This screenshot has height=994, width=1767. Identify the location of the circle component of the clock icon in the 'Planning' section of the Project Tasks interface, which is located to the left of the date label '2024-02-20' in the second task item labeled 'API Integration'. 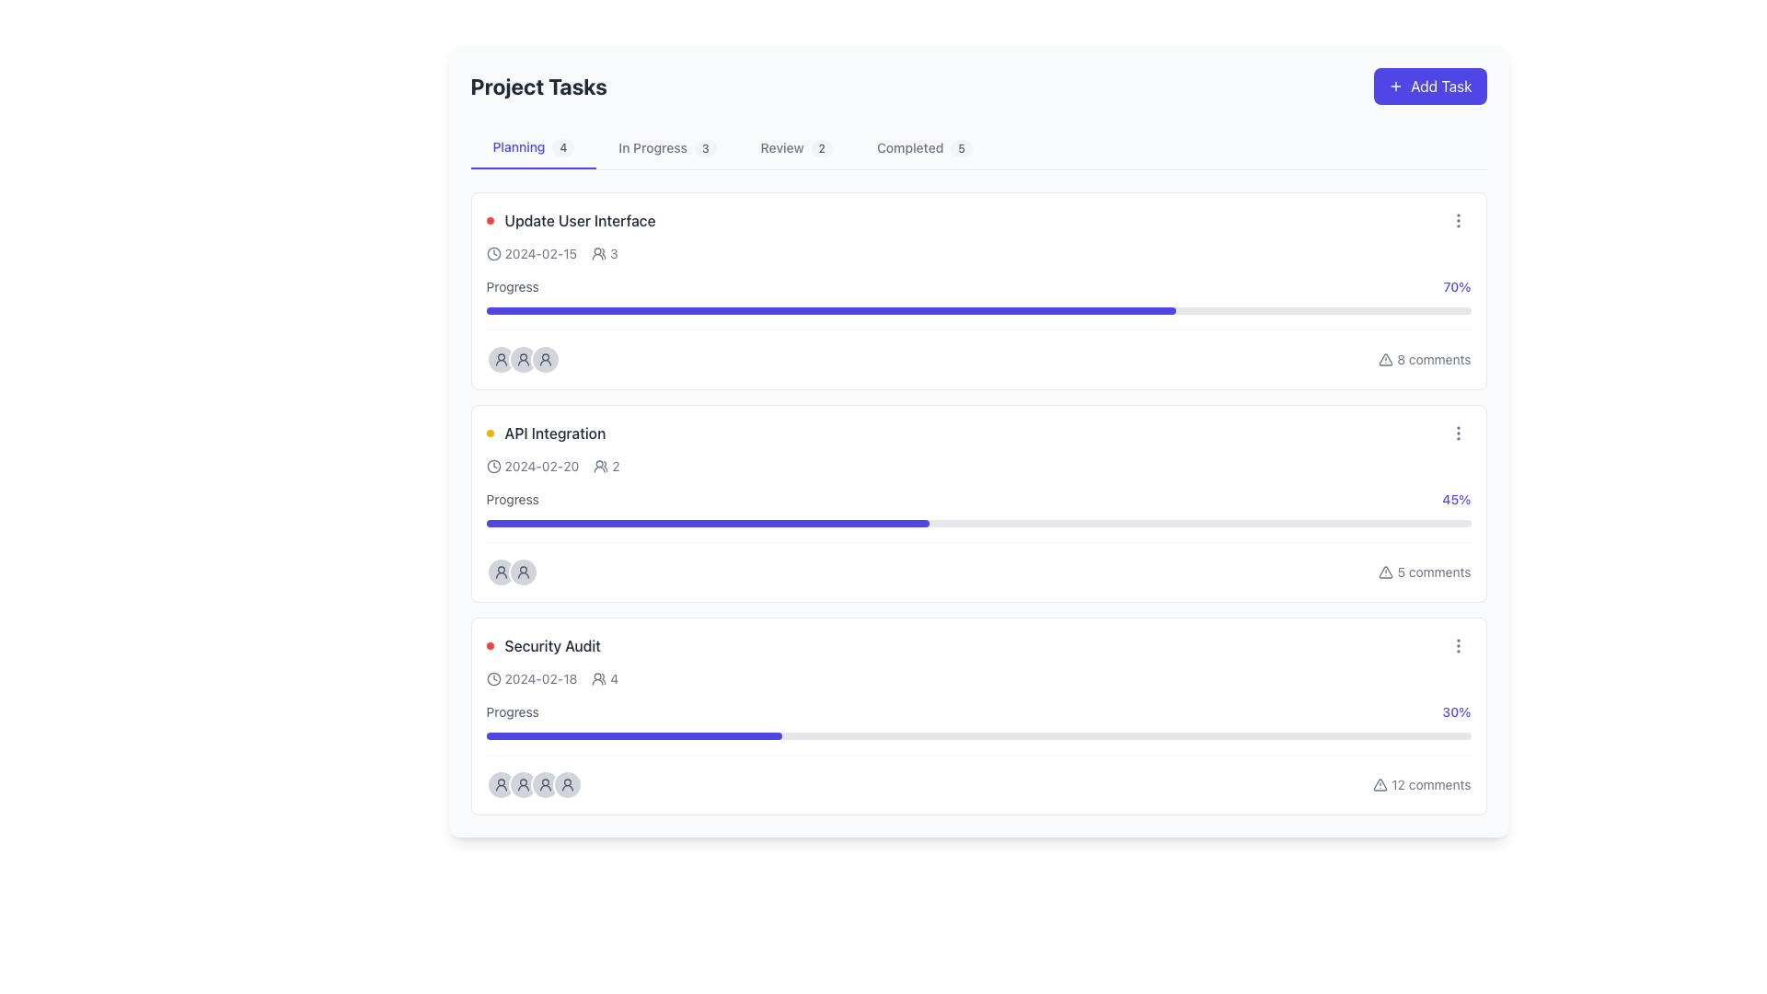
(493, 254).